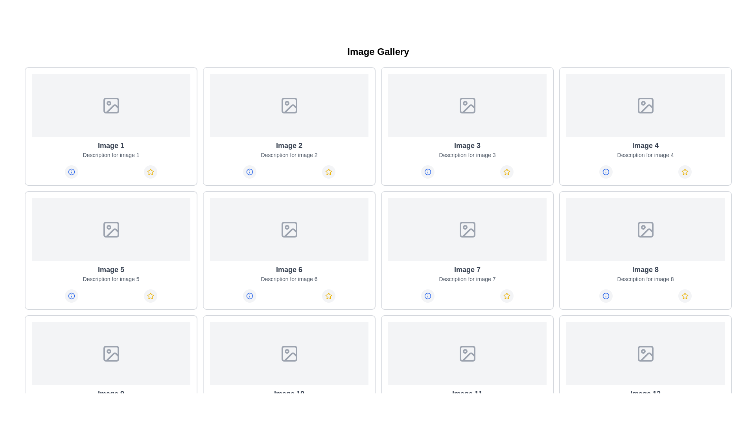 Image resolution: width=755 pixels, height=424 pixels. Describe the element at coordinates (605, 172) in the screenshot. I see `the information button located underneath 'Image 4'` at that location.